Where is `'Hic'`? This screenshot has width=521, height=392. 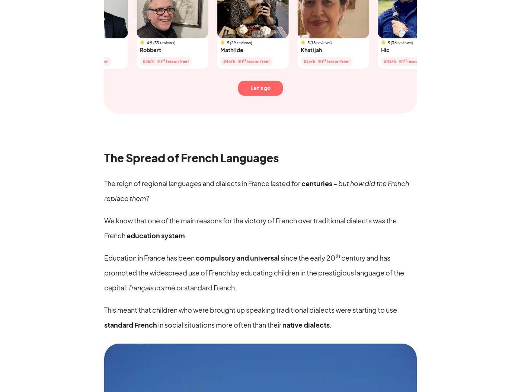
'Hic' is located at coordinates (343, 49).